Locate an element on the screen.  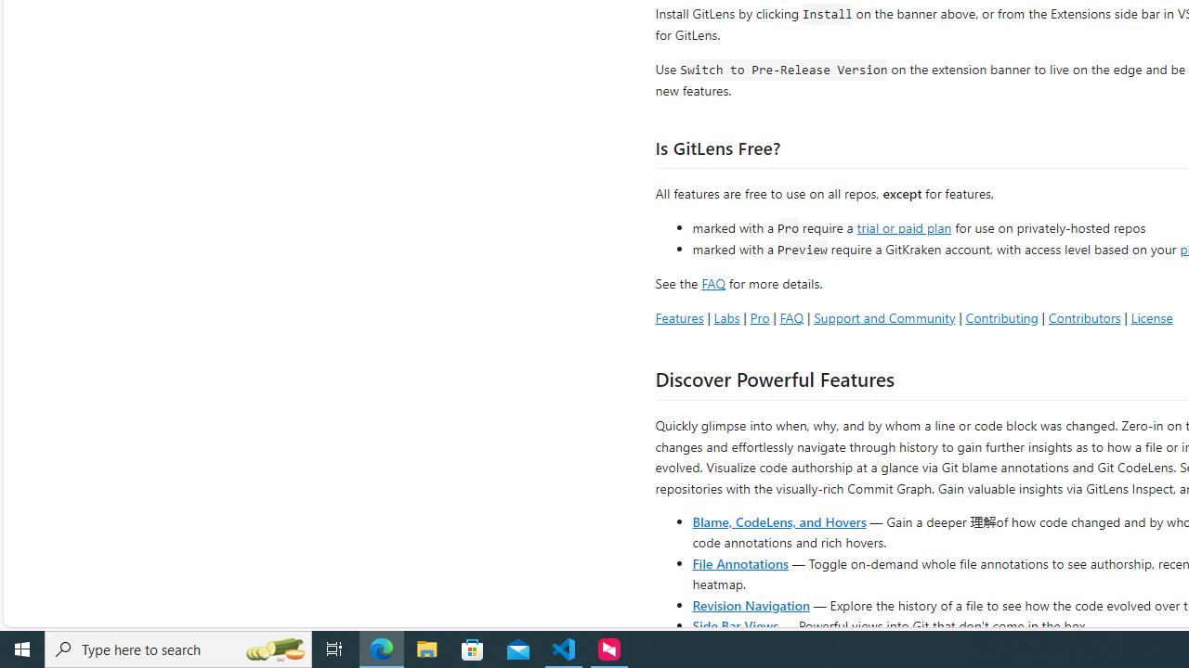
'License' is located at coordinates (1151, 316).